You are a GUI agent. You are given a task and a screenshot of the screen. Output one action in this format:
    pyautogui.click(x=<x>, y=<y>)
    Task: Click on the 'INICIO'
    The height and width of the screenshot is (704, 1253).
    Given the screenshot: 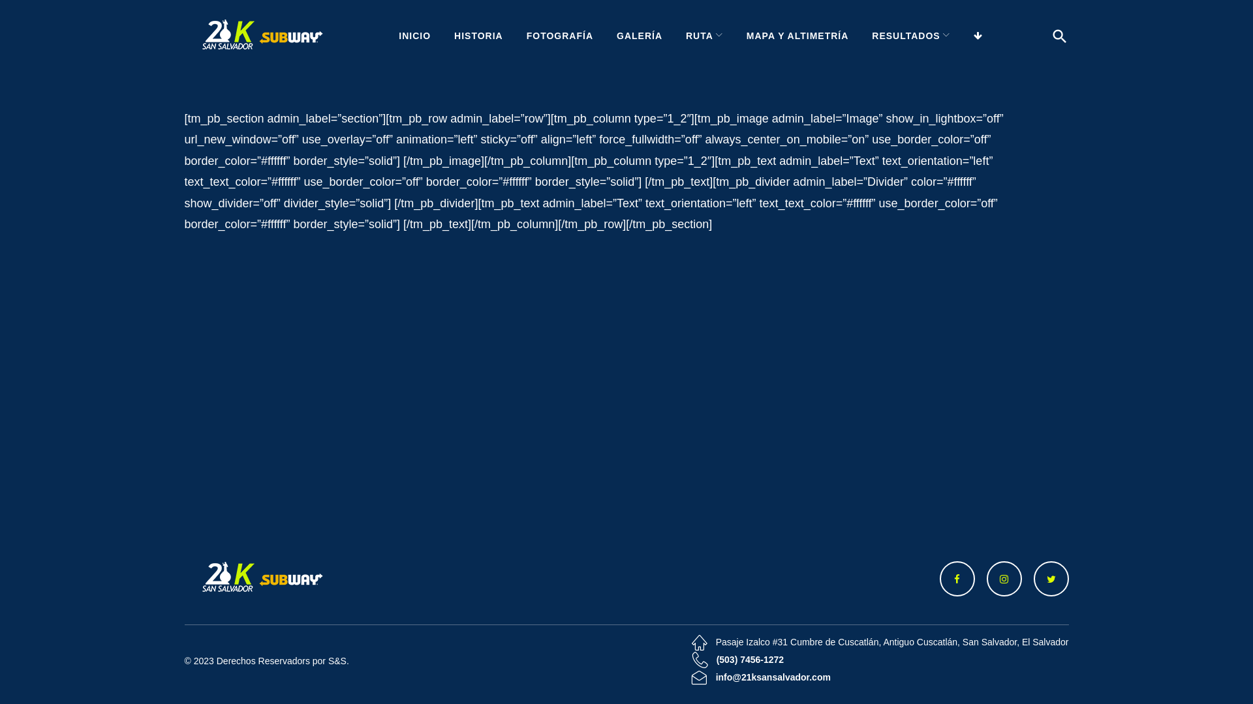 What is the action you would take?
    pyautogui.click(x=414, y=35)
    